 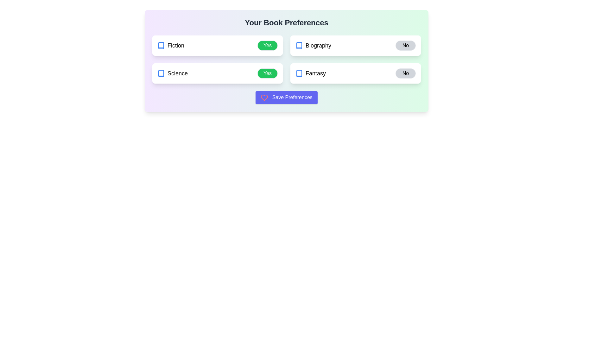 What do you see at coordinates (310, 73) in the screenshot?
I see `the Fantasy to observe feedback` at bounding box center [310, 73].